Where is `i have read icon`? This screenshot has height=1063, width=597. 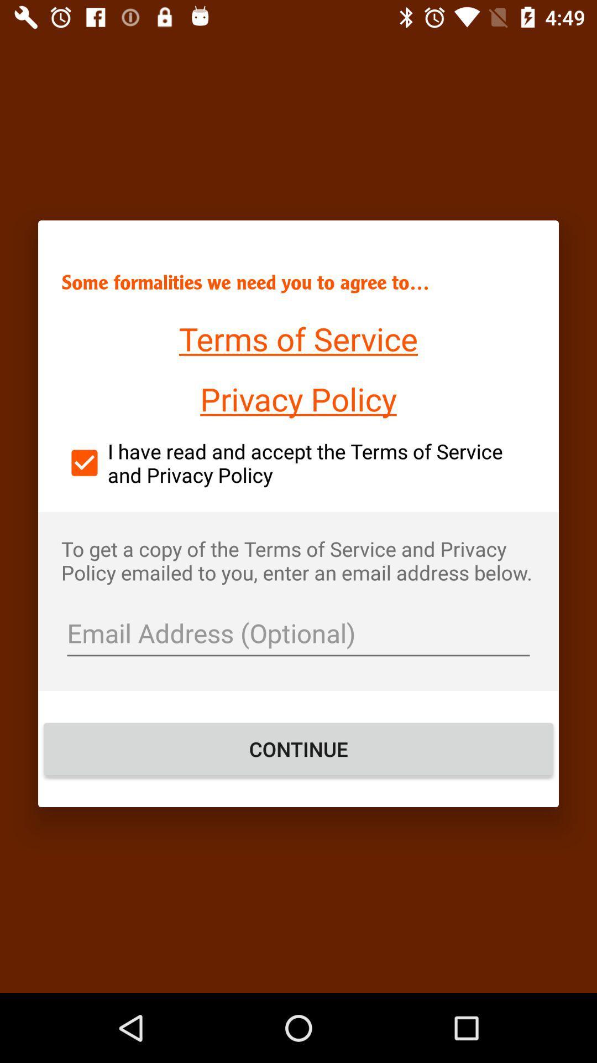
i have read icon is located at coordinates (298, 463).